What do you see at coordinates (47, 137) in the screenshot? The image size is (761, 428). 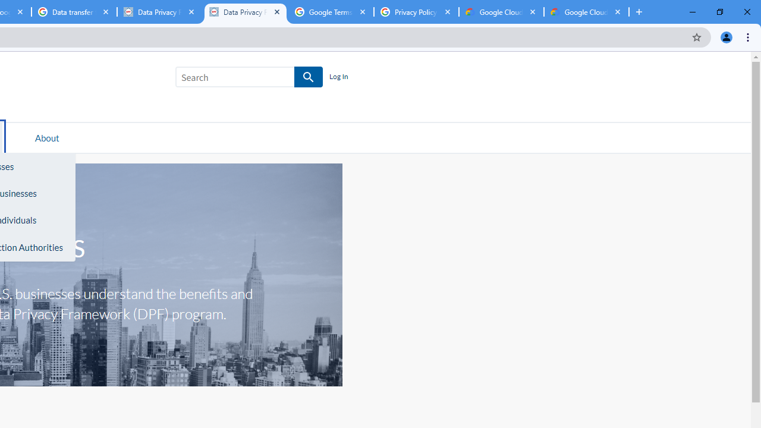 I see `'AutomationID: navitem2'` at bounding box center [47, 137].